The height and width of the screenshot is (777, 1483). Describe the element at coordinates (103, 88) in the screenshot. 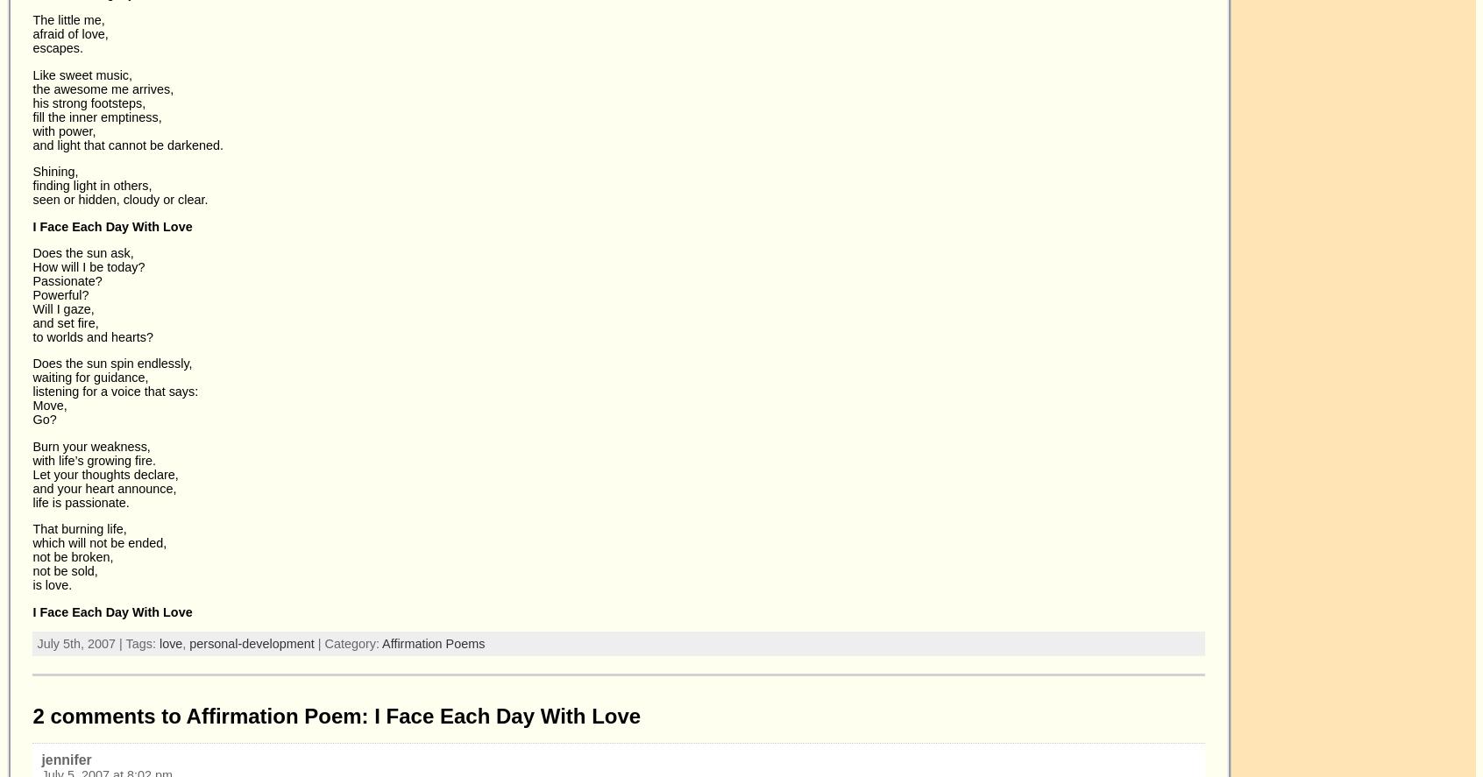

I see `'the awesome  me arrives,'` at that location.